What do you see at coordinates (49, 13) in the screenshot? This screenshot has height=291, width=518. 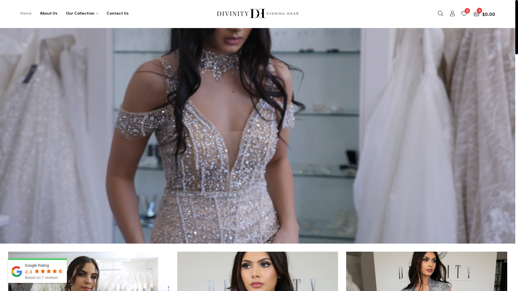 I see `'About Us'` at bounding box center [49, 13].